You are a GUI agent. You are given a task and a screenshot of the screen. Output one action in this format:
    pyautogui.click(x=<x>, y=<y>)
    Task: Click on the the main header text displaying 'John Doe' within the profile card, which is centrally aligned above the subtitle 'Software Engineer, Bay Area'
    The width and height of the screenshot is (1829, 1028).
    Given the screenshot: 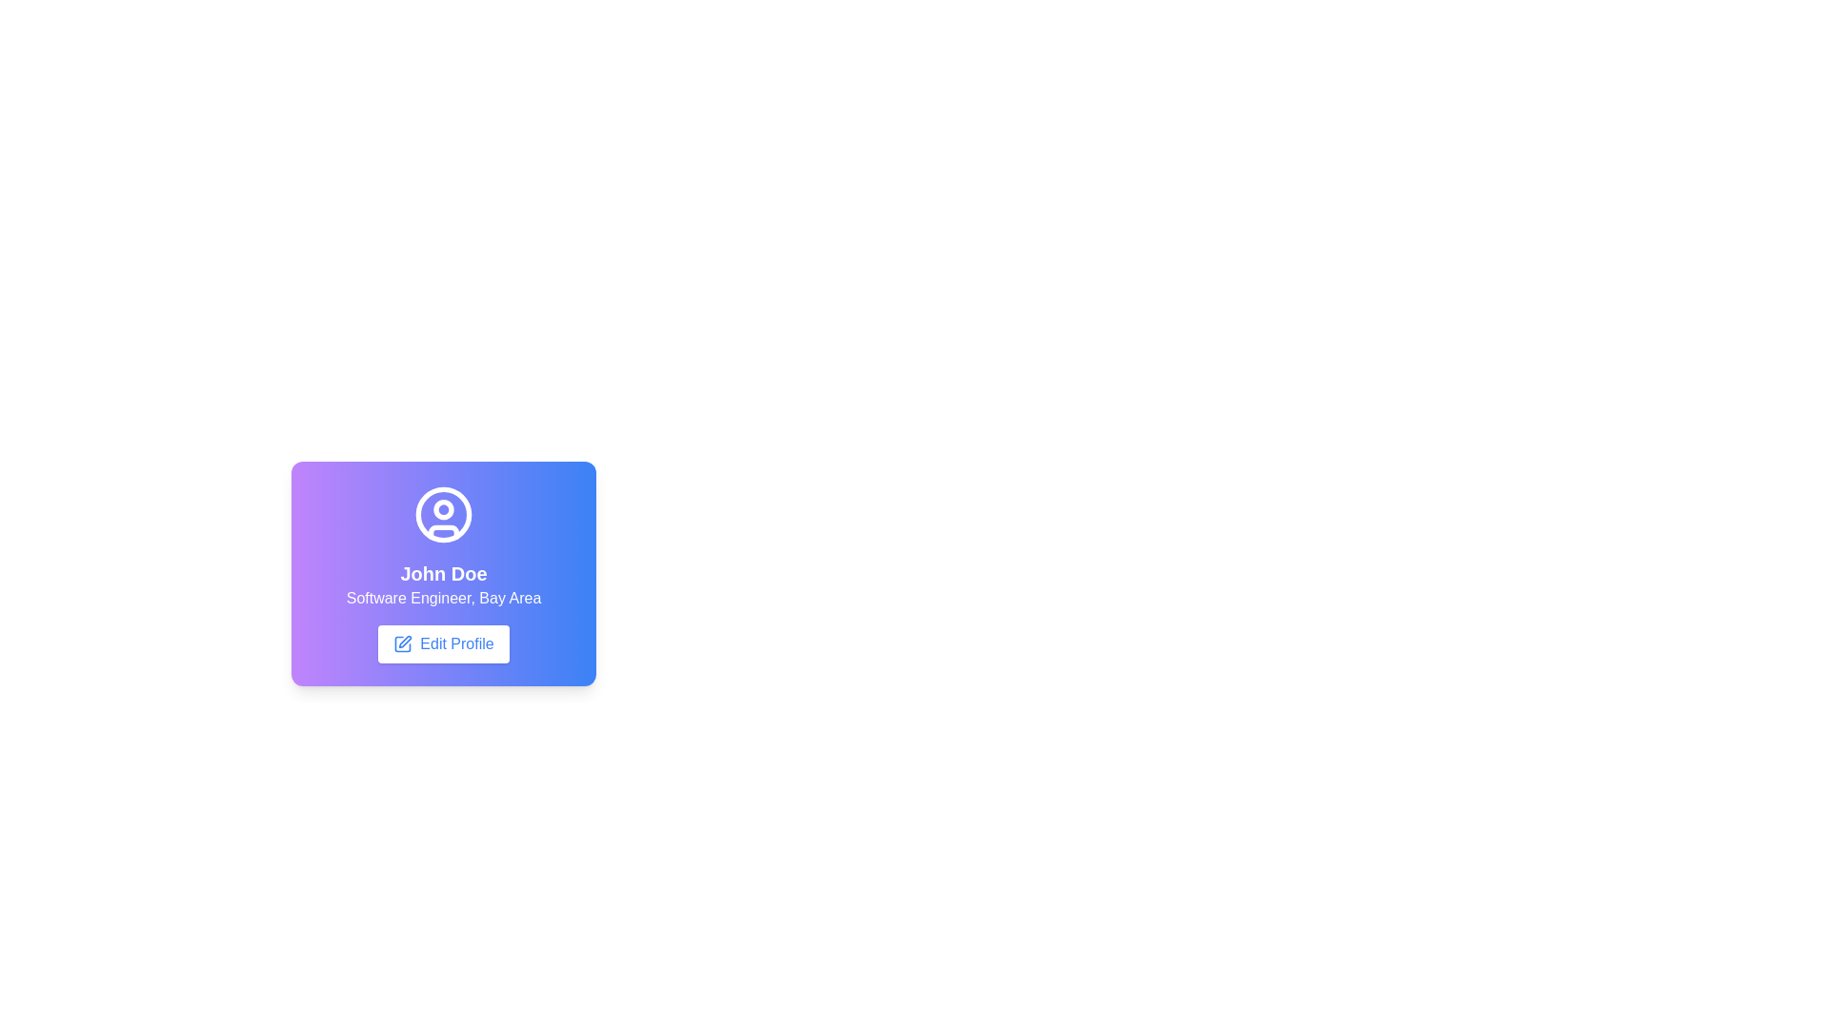 What is the action you would take?
    pyautogui.click(x=442, y=572)
    